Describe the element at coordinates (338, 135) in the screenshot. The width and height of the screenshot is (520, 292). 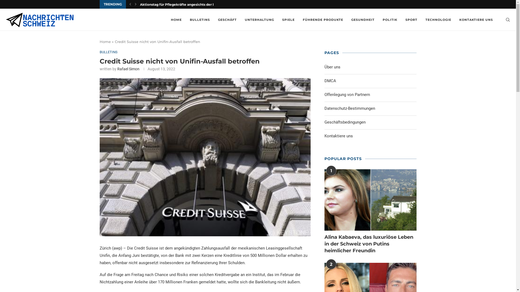
I see `'Kontaktiere uns'` at that location.